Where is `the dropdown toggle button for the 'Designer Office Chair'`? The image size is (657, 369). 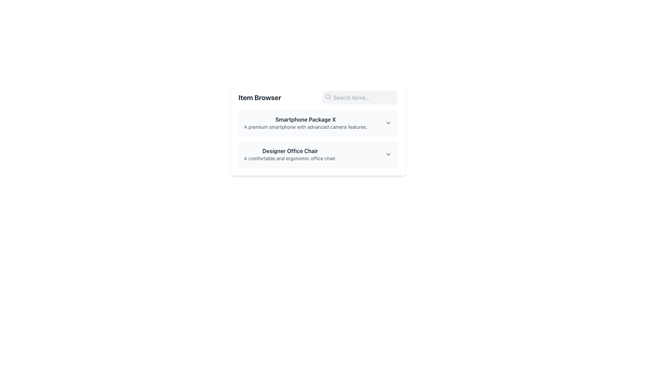
the dropdown toggle button for the 'Designer Office Chair' is located at coordinates (388, 154).